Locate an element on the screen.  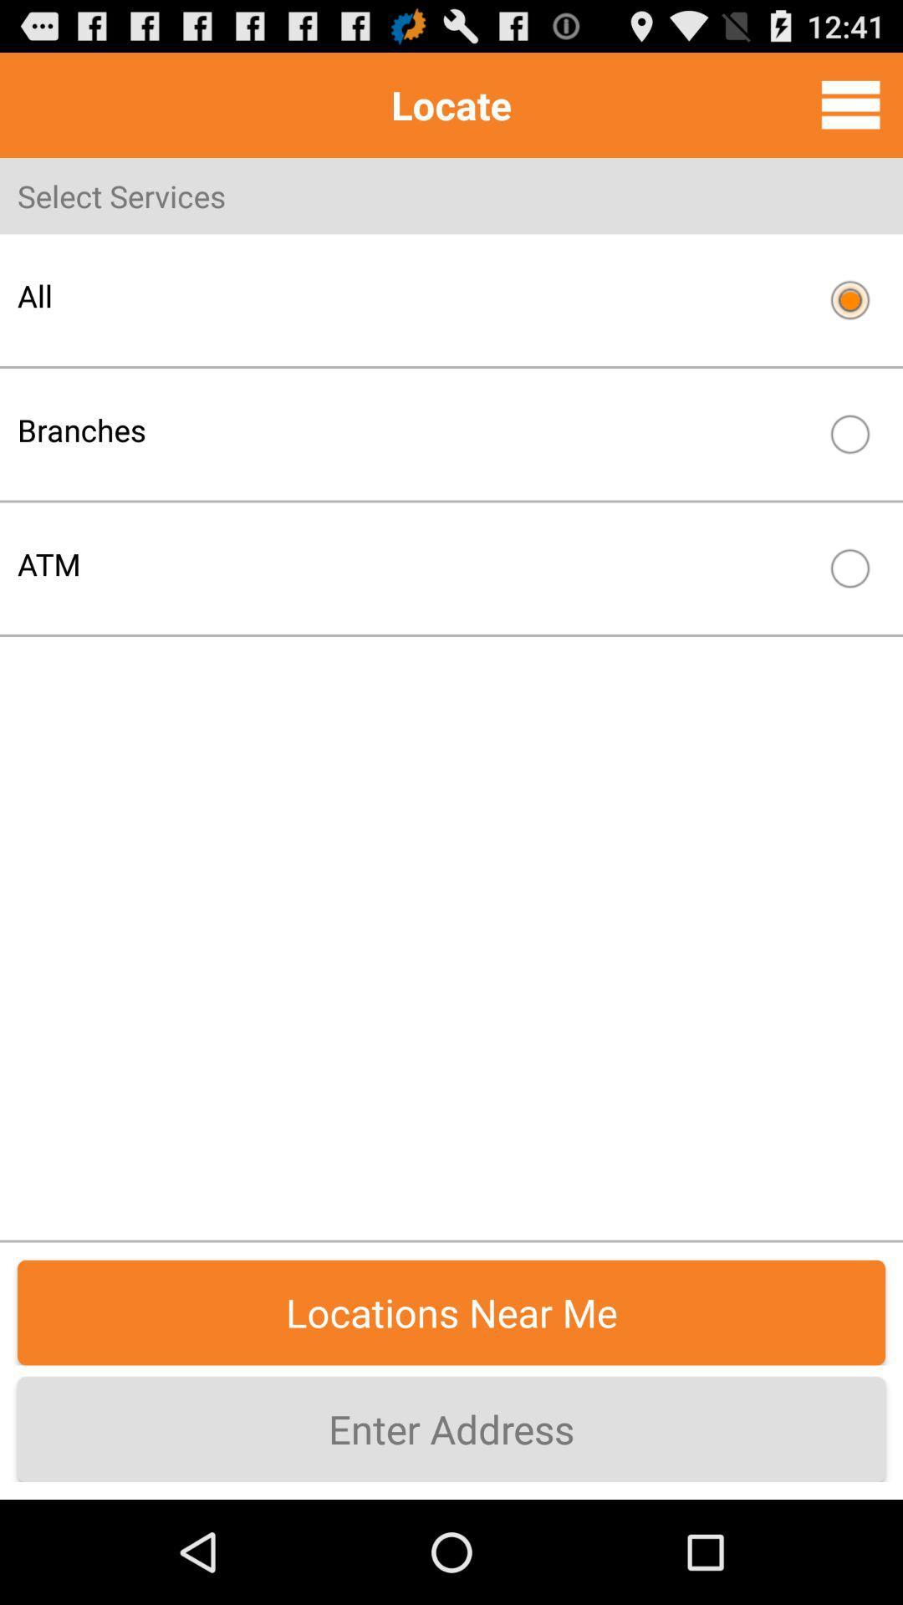
the locations near me is located at coordinates (451, 1312).